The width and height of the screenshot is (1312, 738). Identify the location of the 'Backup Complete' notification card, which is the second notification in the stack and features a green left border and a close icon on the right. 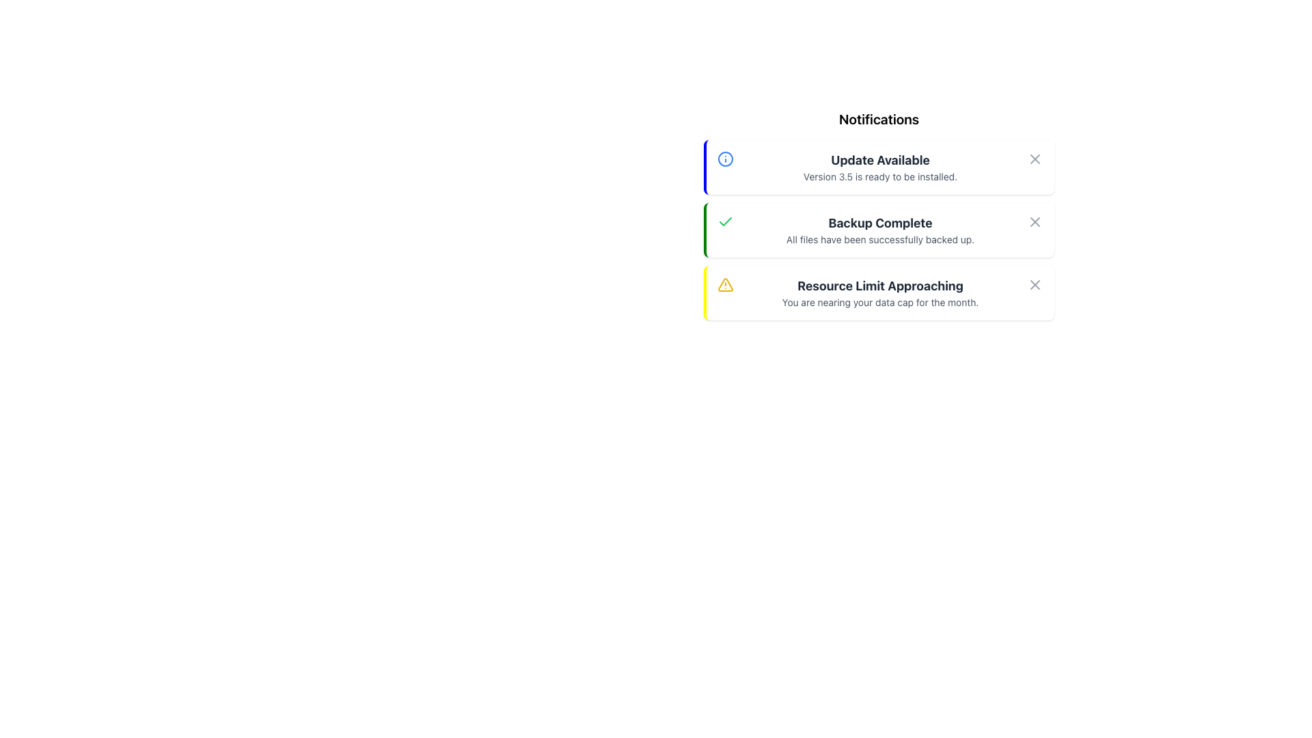
(879, 229).